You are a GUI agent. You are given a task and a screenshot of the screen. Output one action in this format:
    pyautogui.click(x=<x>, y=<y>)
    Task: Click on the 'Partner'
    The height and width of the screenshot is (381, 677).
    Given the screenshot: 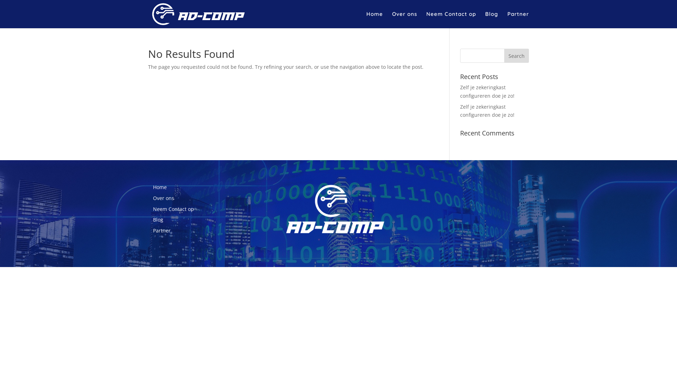 What is the action you would take?
    pyautogui.click(x=518, y=19)
    